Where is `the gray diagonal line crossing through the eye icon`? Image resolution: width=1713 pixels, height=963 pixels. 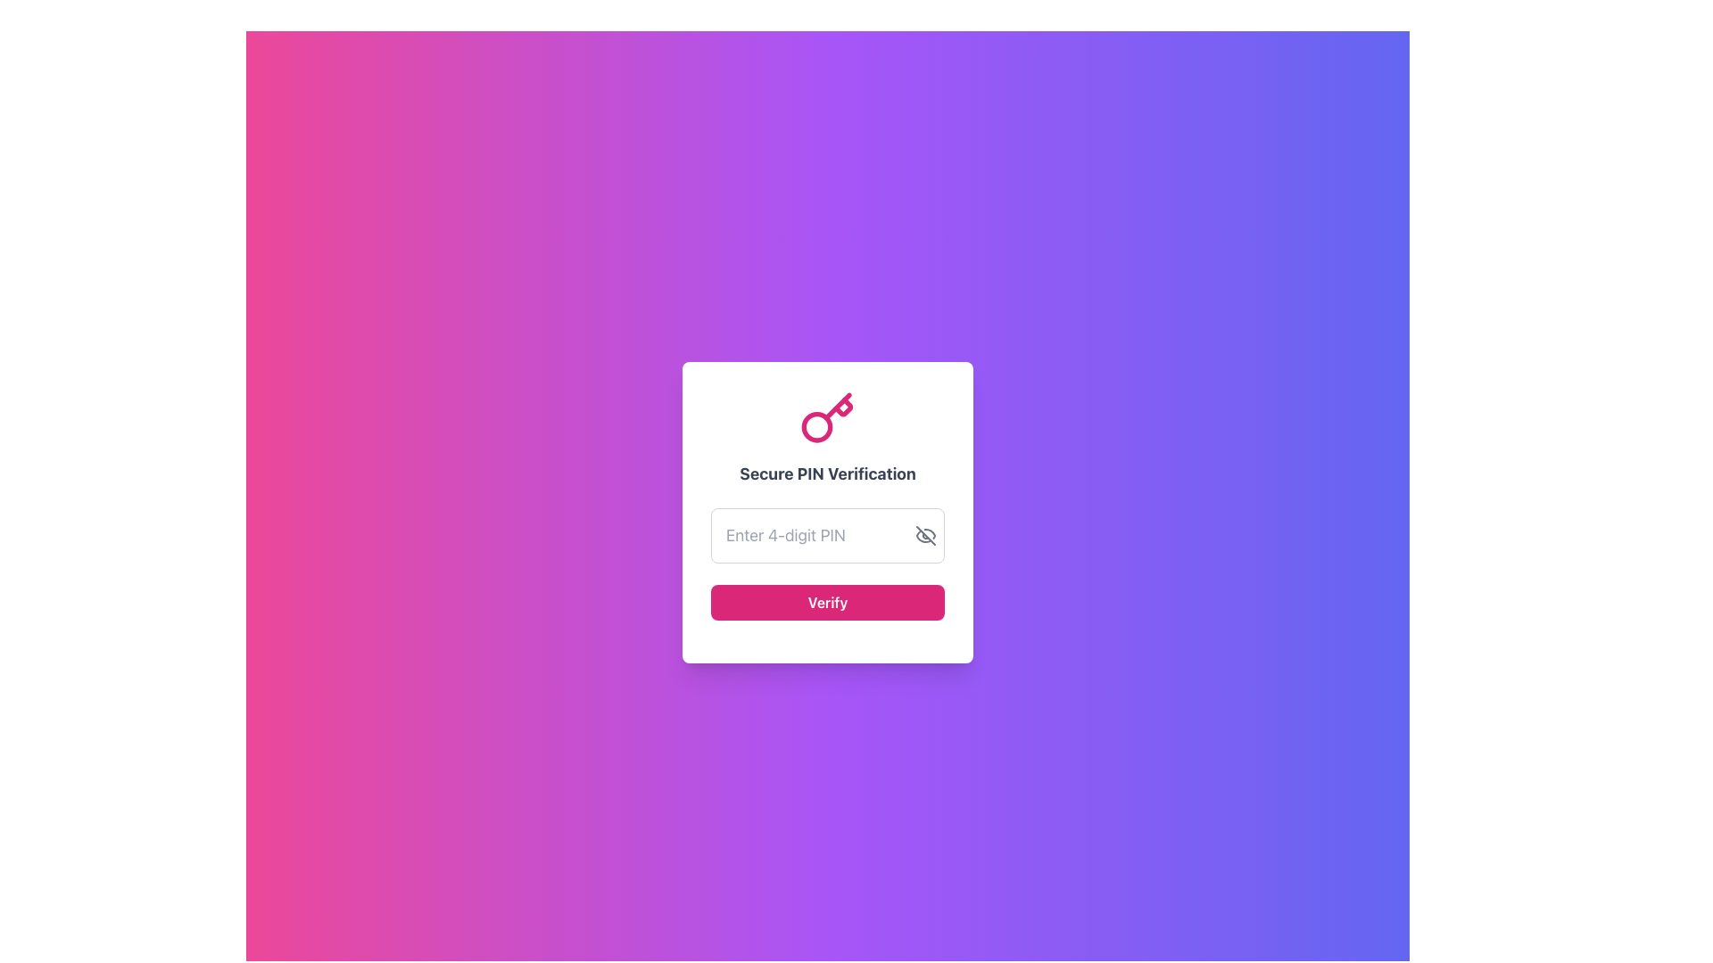
the gray diagonal line crossing through the eye icon is located at coordinates (925, 535).